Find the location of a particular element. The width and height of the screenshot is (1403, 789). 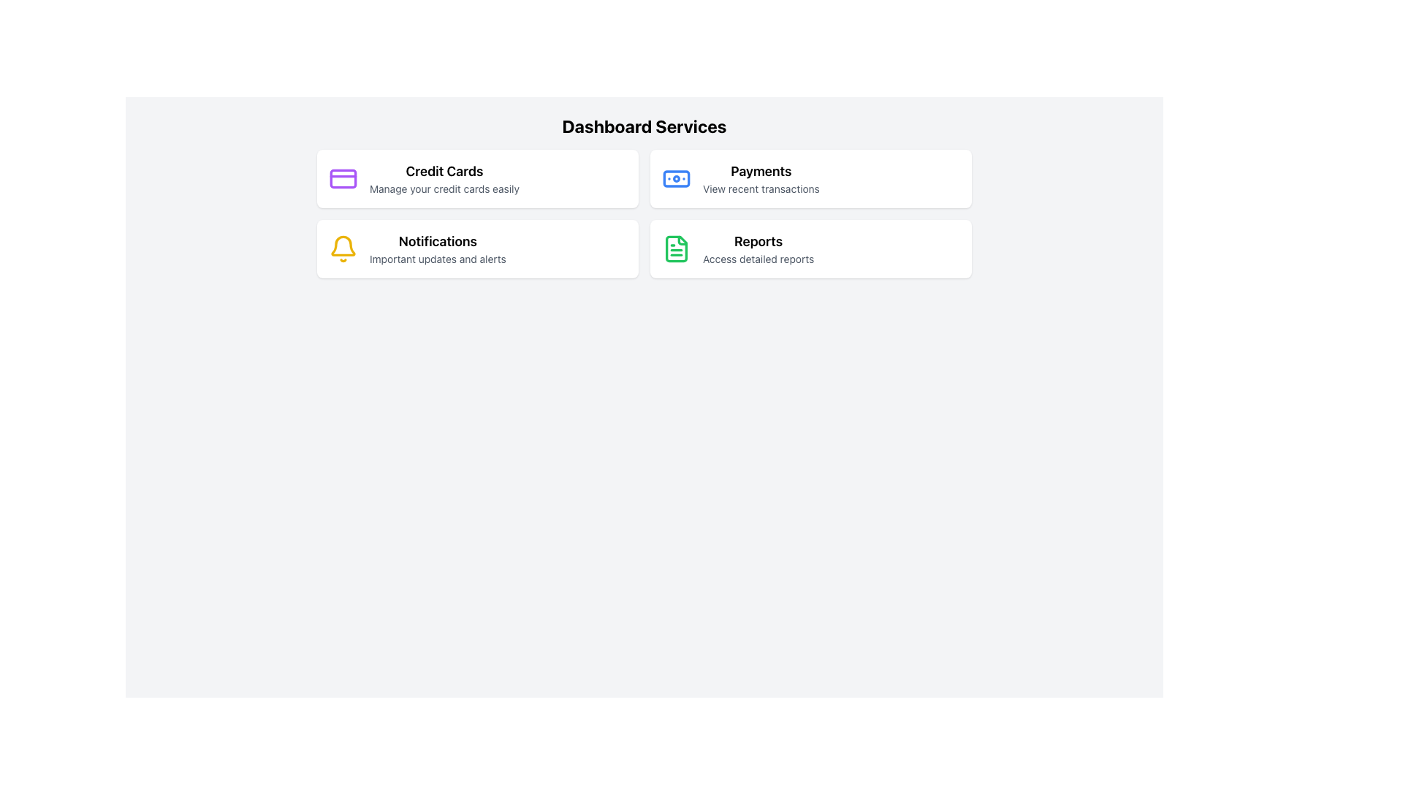

code of the SVG Rectangle that represents the credit card feature in the 'Credit Cards' section of the grid layout by opening the developer tools is located at coordinates (343, 177).